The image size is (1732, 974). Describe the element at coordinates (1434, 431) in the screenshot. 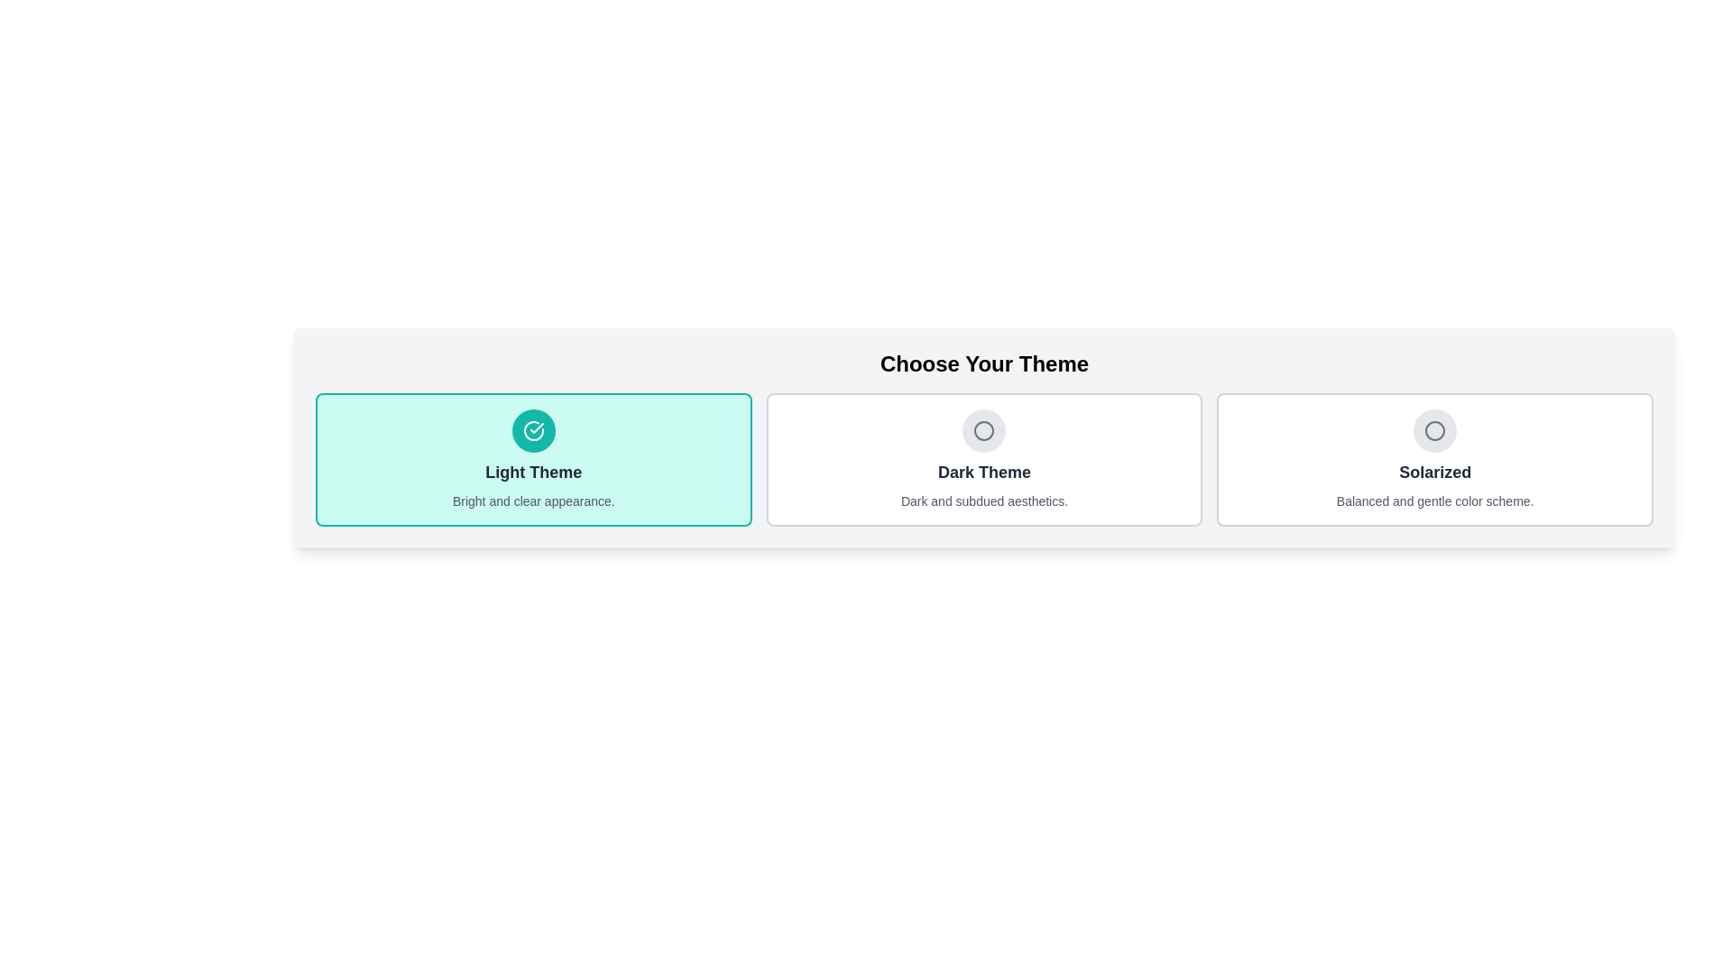

I see `the graphical vector circle indicating the chosen or unchosen state of the Solarized theme card, which is the third card in the theme selection layout` at that location.